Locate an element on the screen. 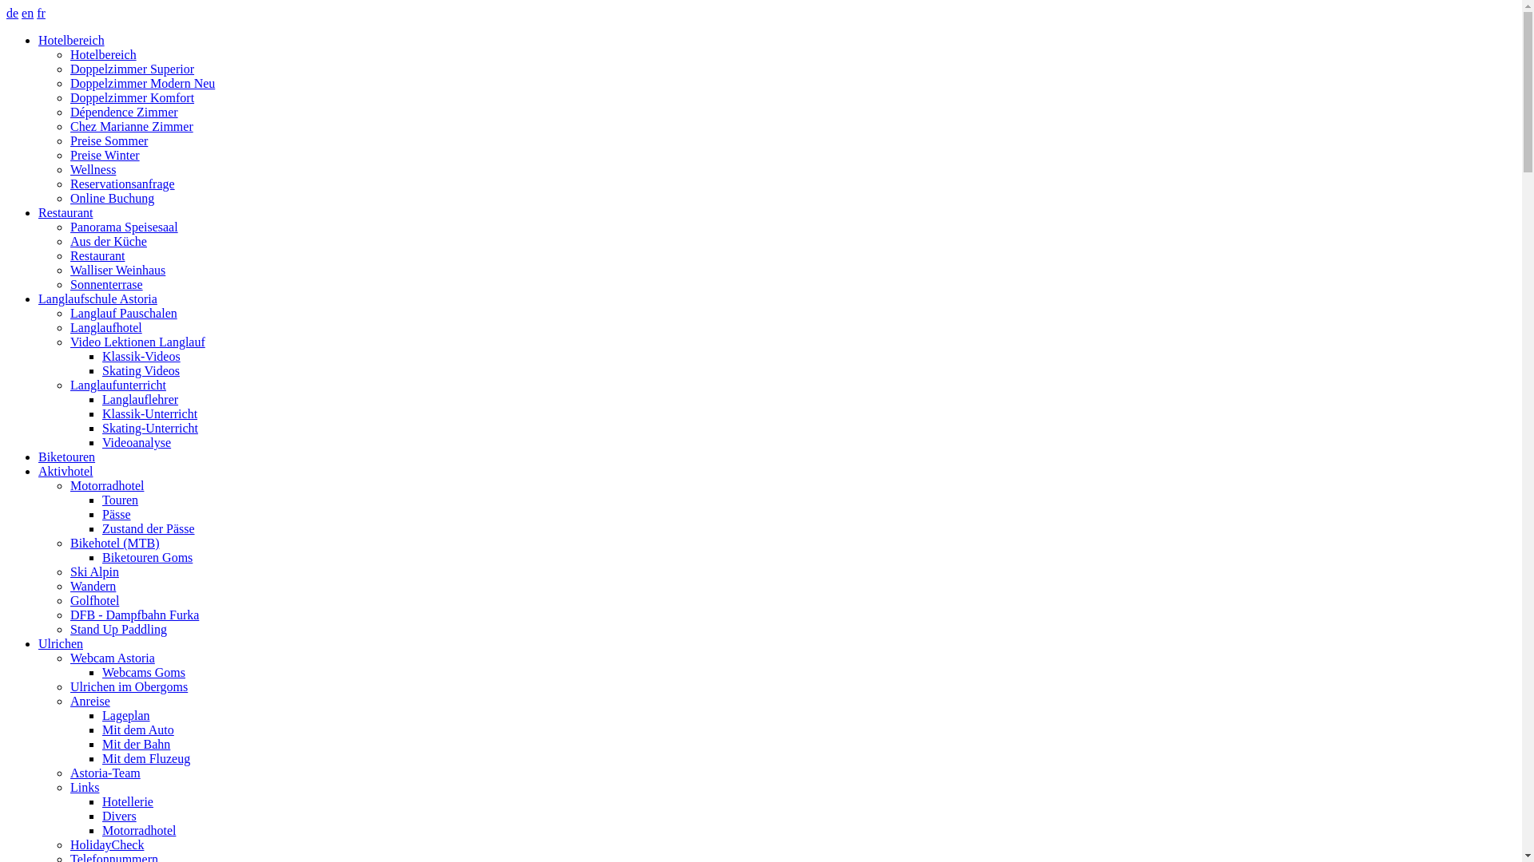 The image size is (1534, 862). 'Wellness' is located at coordinates (92, 169).